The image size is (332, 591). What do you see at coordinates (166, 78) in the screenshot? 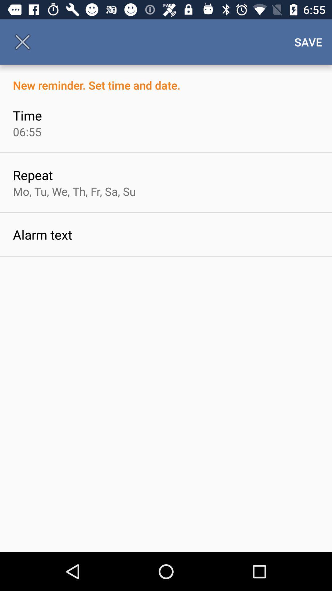
I see `new reminder set item` at bounding box center [166, 78].